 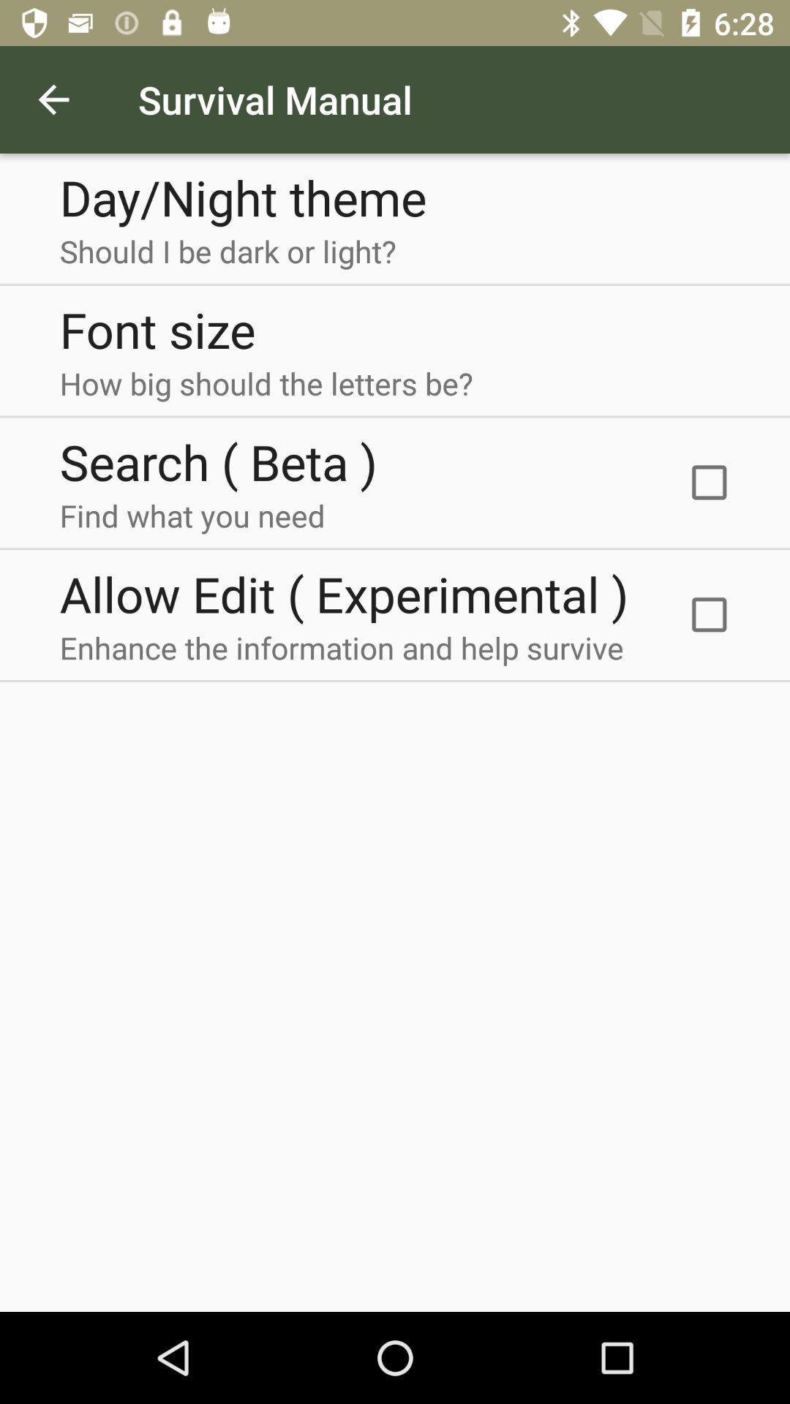 I want to click on icon to the left of the survival manual, so click(x=53, y=99).